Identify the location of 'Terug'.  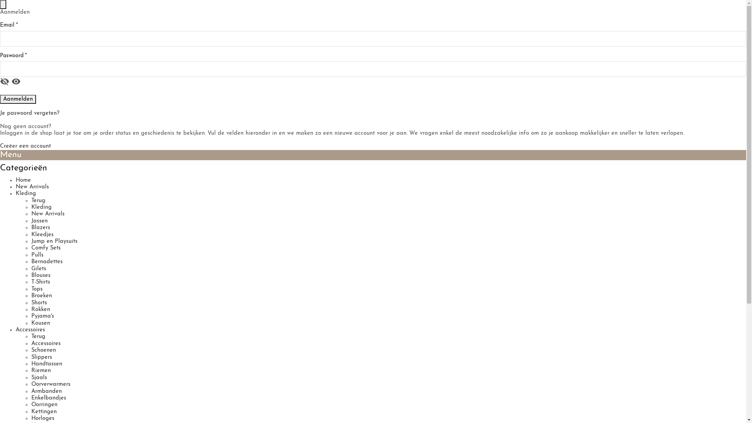
(38, 336).